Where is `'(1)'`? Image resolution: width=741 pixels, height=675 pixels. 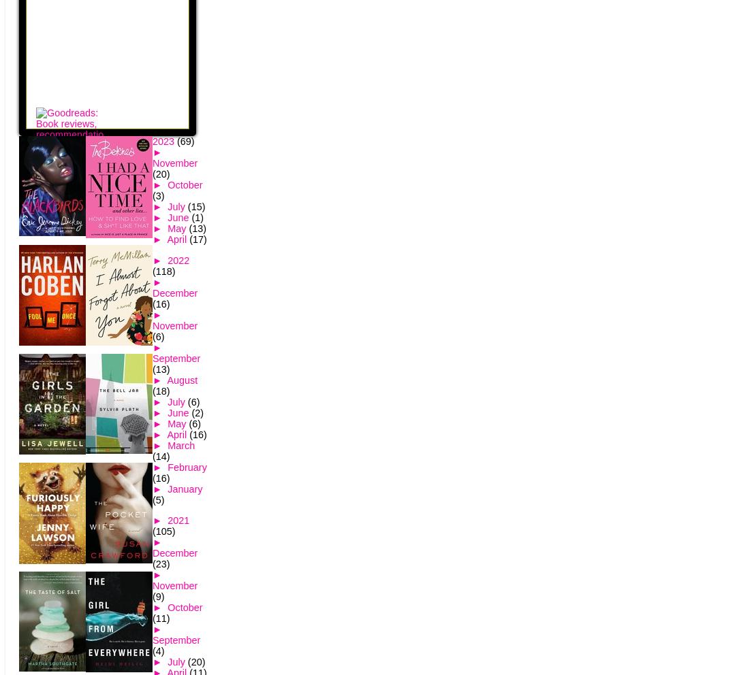 '(1)' is located at coordinates (191, 218).